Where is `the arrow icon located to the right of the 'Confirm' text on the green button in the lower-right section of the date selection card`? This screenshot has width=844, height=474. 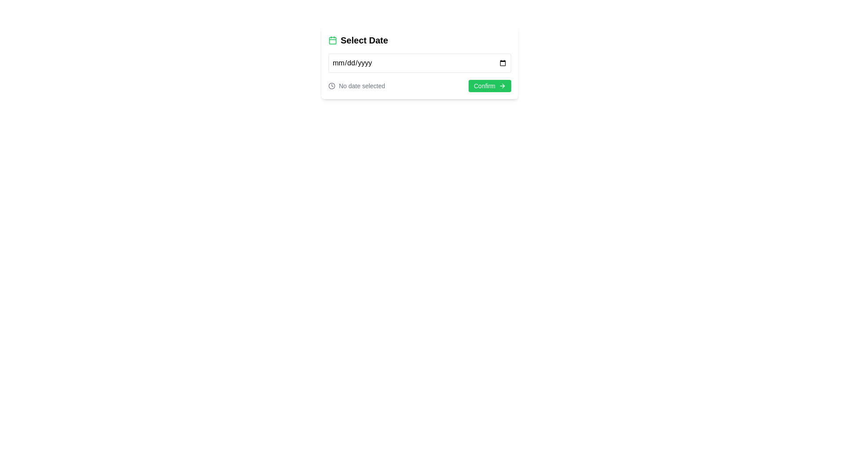 the arrow icon located to the right of the 'Confirm' text on the green button in the lower-right section of the date selection card is located at coordinates (502, 86).